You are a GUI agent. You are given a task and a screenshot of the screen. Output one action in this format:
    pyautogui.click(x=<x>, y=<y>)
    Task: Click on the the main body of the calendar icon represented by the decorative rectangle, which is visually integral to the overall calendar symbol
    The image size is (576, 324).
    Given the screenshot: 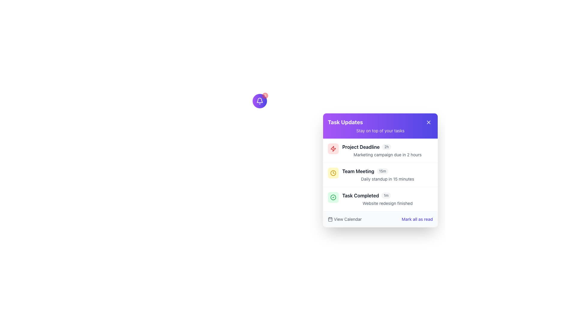 What is the action you would take?
    pyautogui.click(x=330, y=219)
    